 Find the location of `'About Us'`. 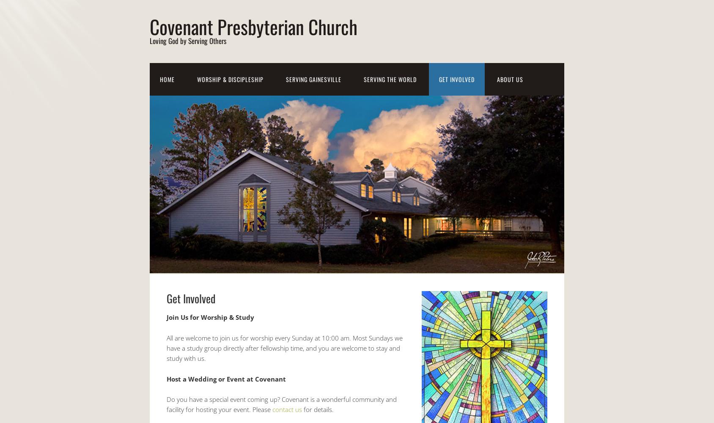

'About Us' is located at coordinates (510, 79).